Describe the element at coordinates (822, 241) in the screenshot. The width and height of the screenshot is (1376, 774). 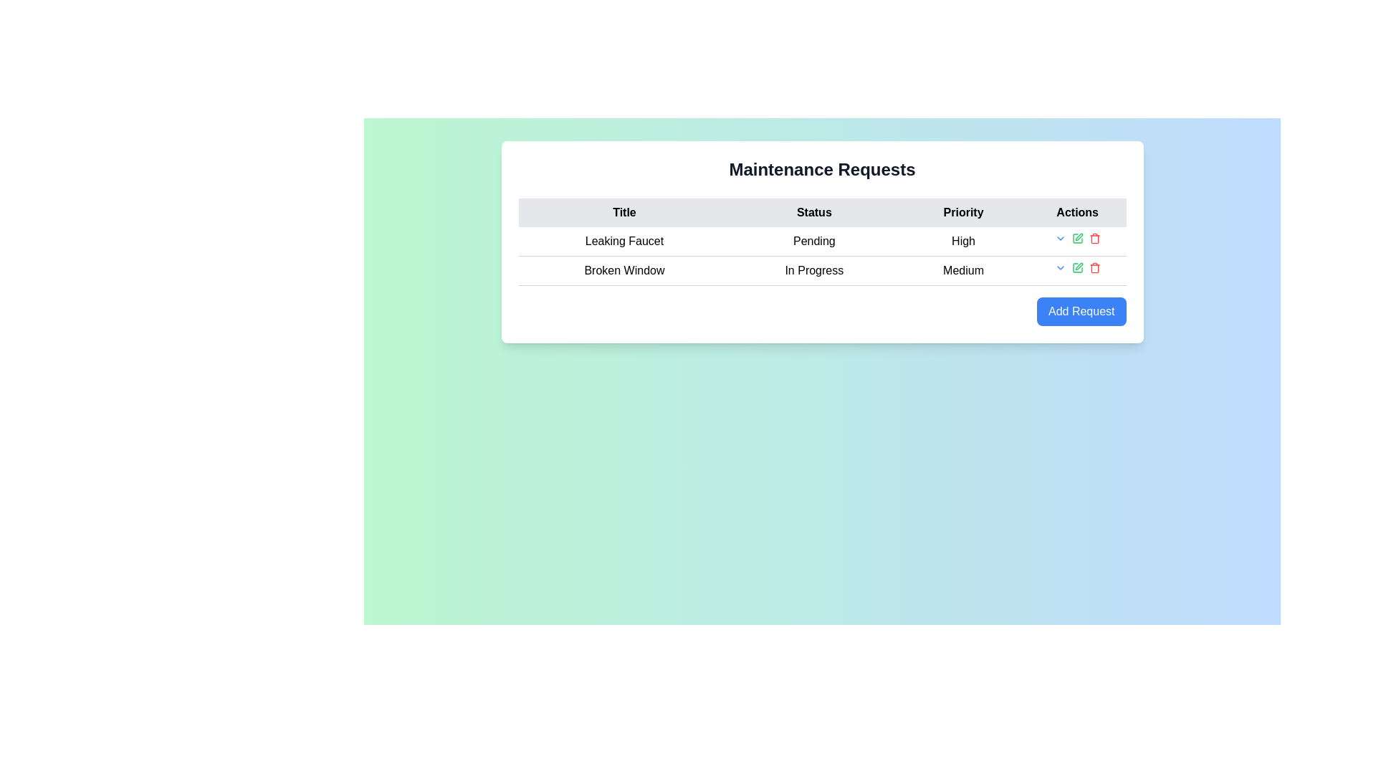
I see `the TextElement displaying the status of the maintenance request in the second column of the first row under the 'Maintenance Requests' header` at that location.